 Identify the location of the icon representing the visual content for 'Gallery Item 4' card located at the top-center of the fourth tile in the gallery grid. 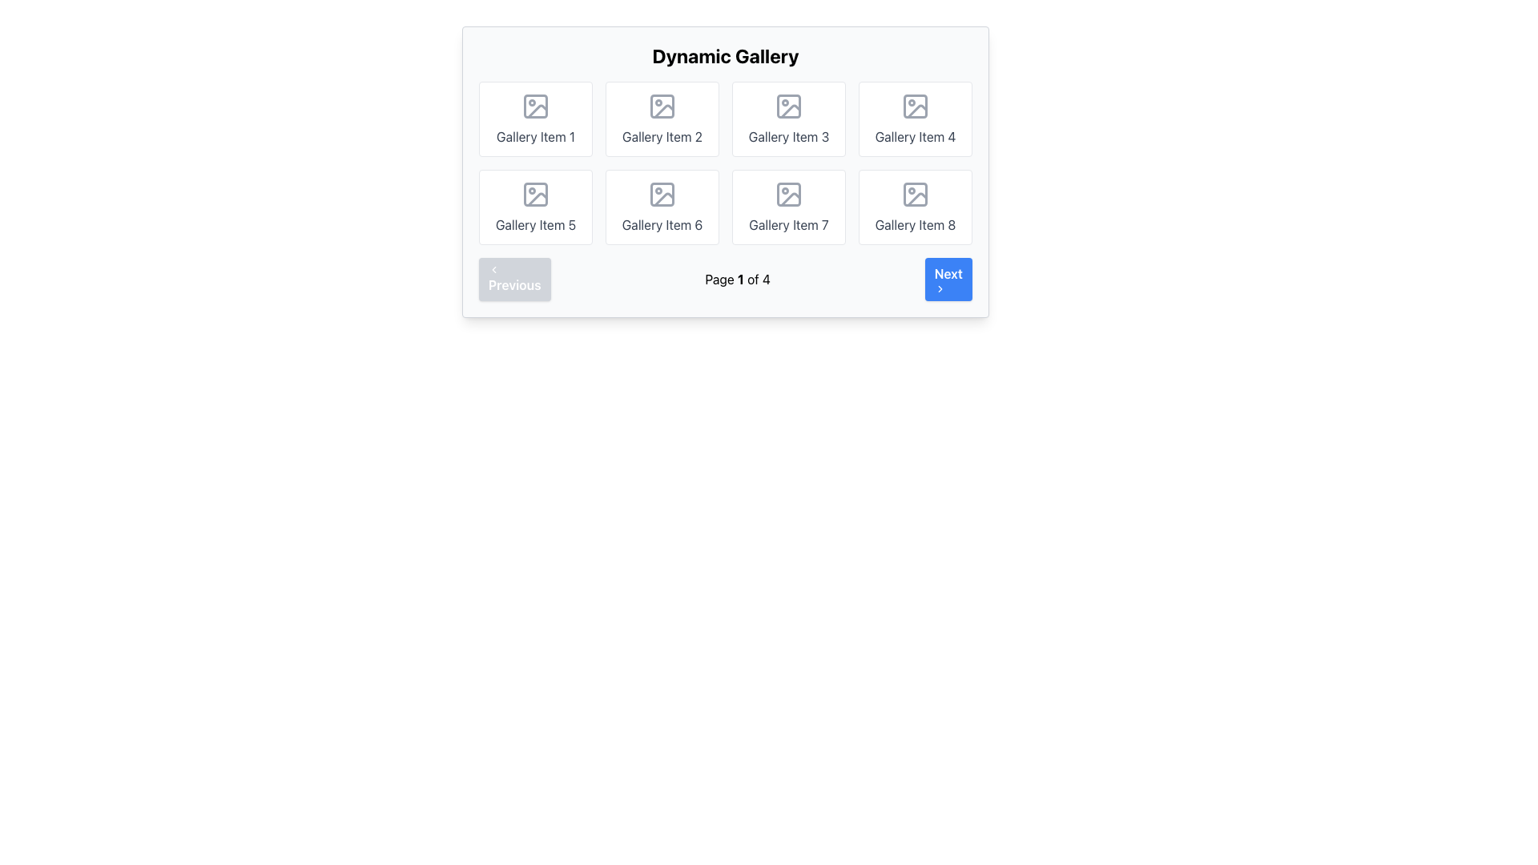
(915, 106).